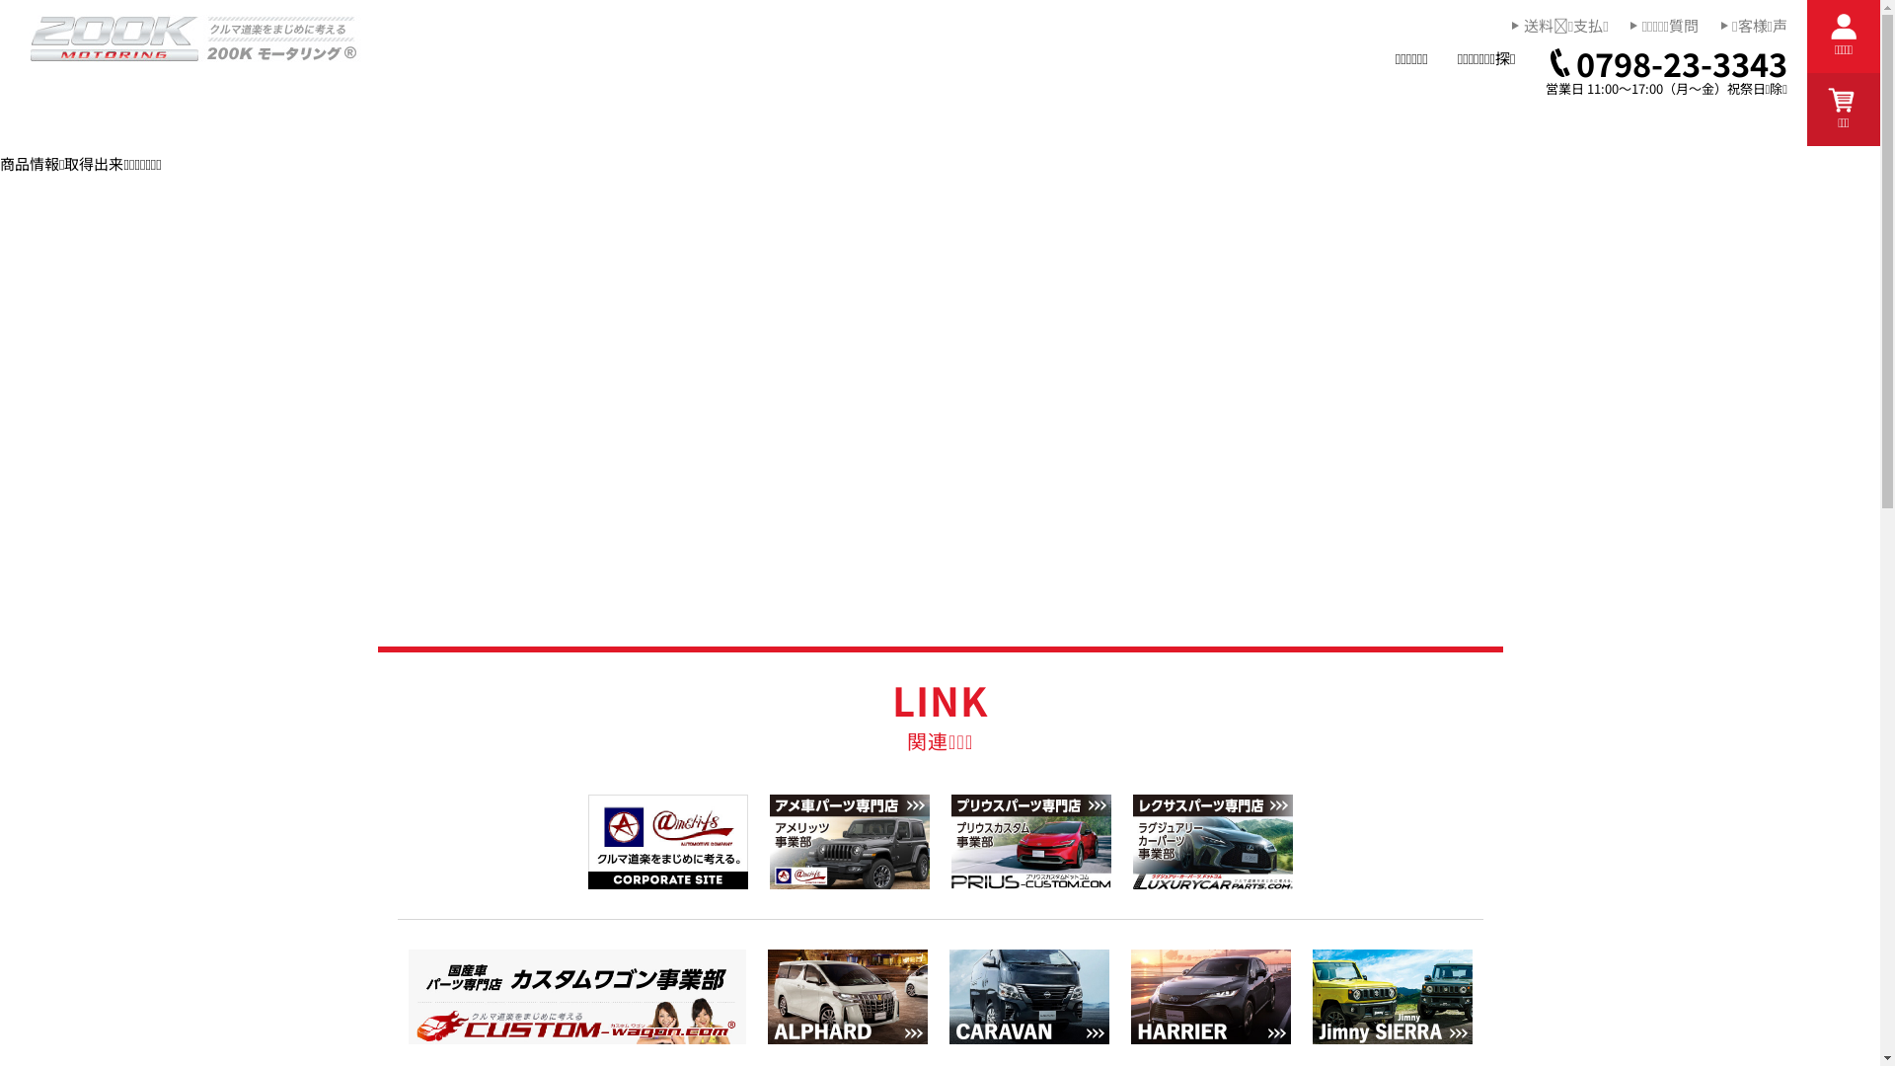 This screenshot has height=1066, width=1895. What do you see at coordinates (1666, 62) in the screenshot?
I see `'0798-23-3343'` at bounding box center [1666, 62].